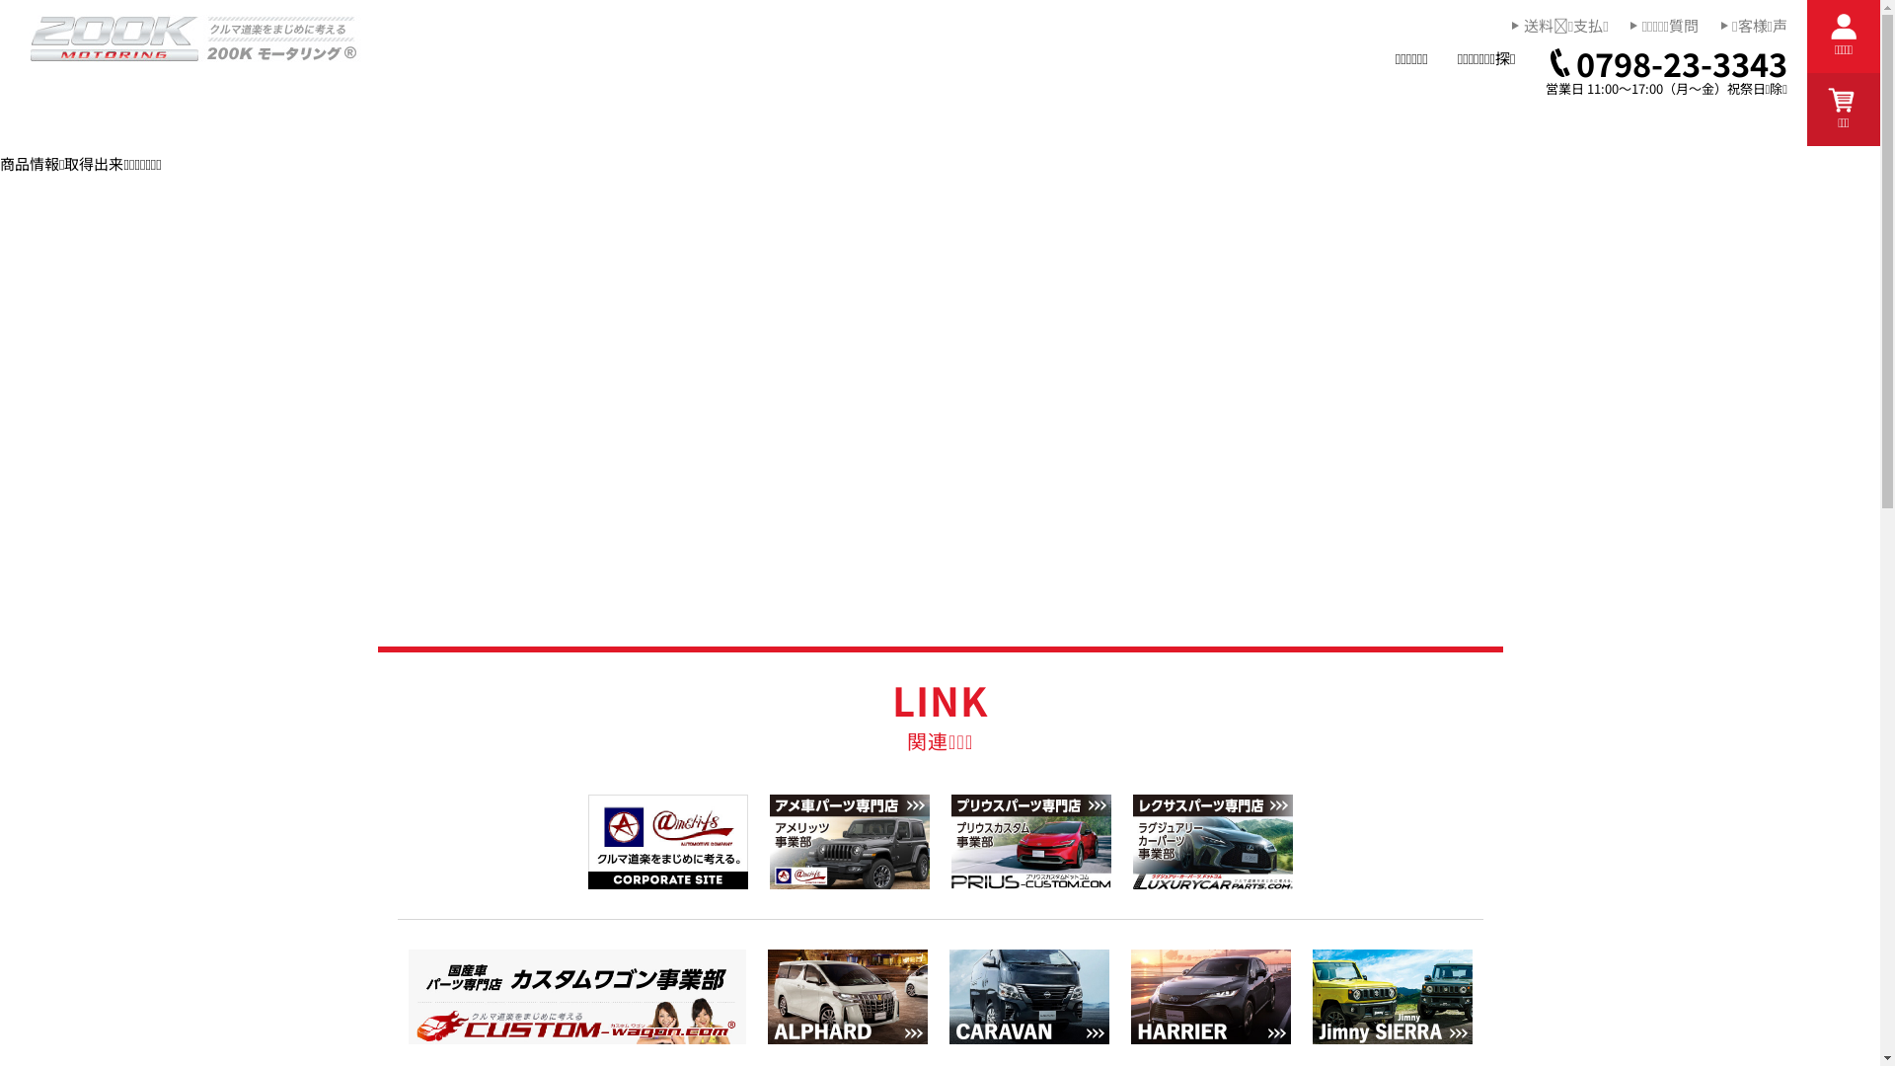 This screenshot has height=1066, width=1895. What do you see at coordinates (1666, 62) in the screenshot?
I see `'0798-23-3343'` at bounding box center [1666, 62].